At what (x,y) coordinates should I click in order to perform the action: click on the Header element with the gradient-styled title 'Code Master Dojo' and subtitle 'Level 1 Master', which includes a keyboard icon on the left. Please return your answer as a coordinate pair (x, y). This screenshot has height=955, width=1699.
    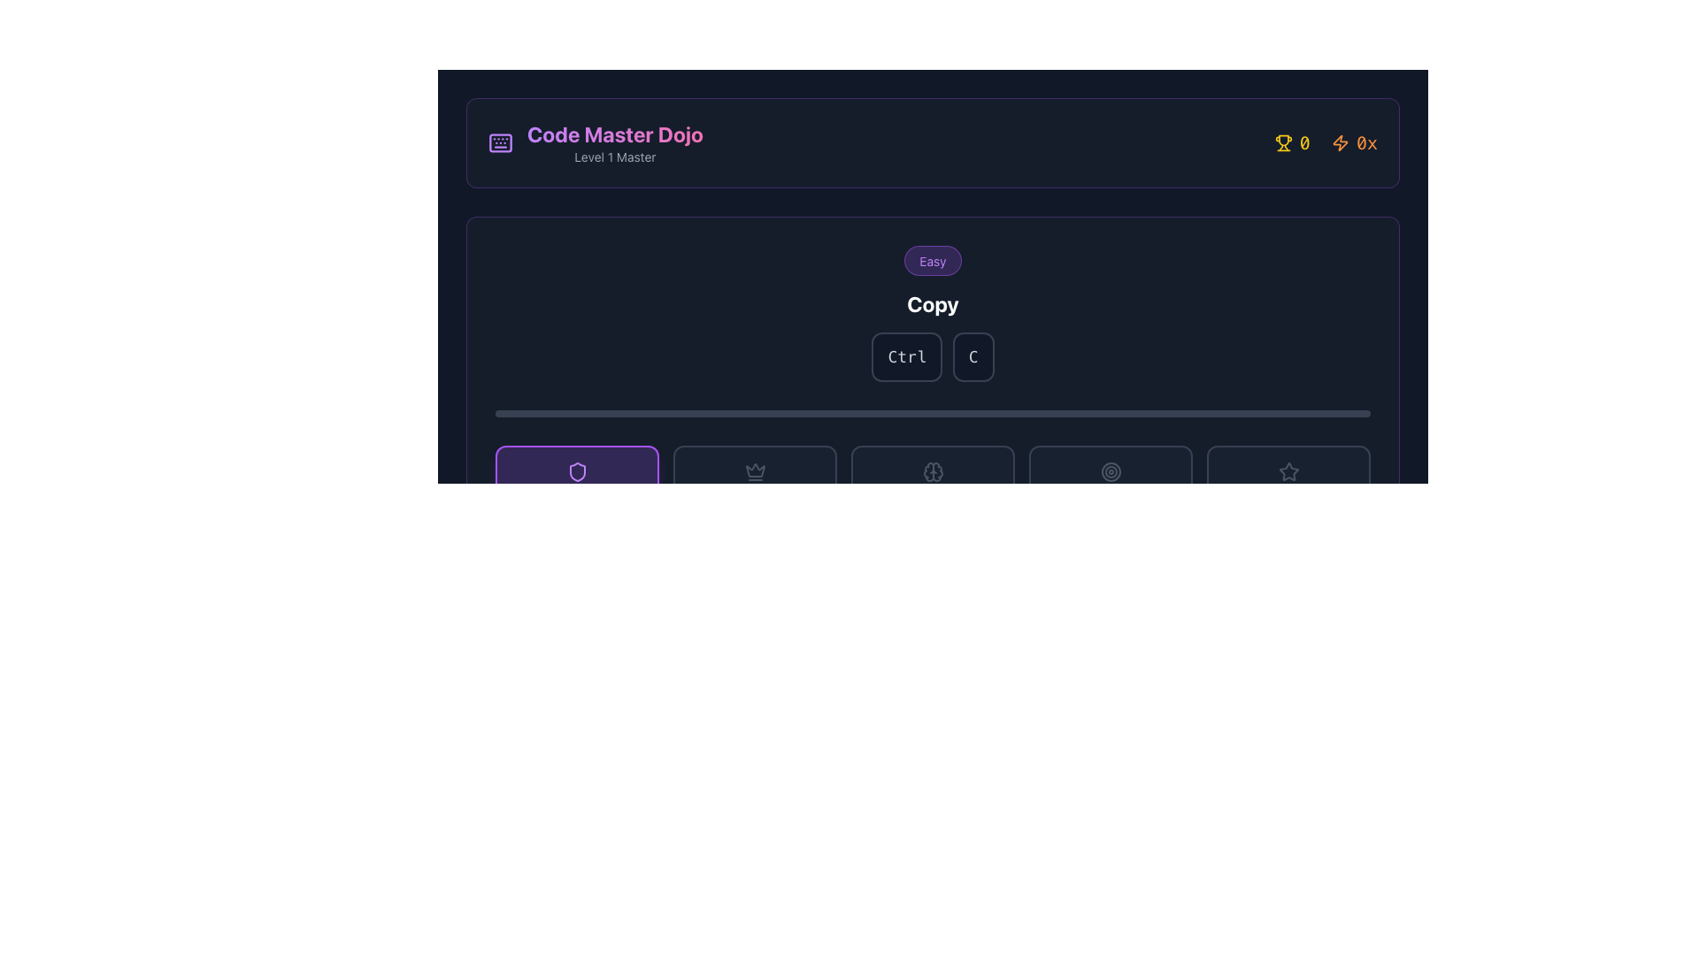
    Looking at the image, I should click on (596, 142).